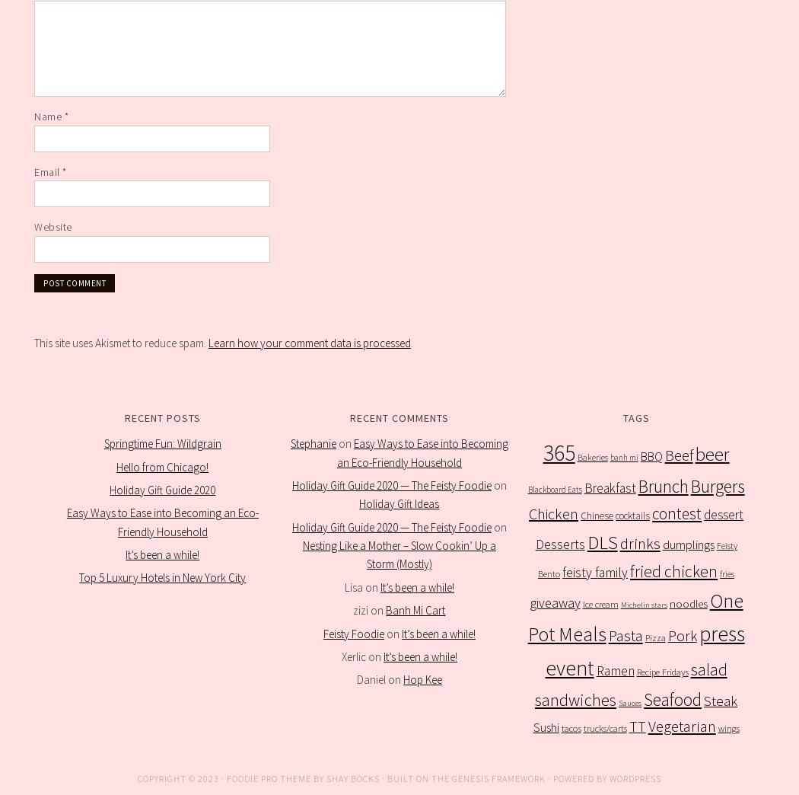 The height and width of the screenshot is (795, 799). Describe the element at coordinates (663, 455) in the screenshot. I see `'Beef'` at that location.